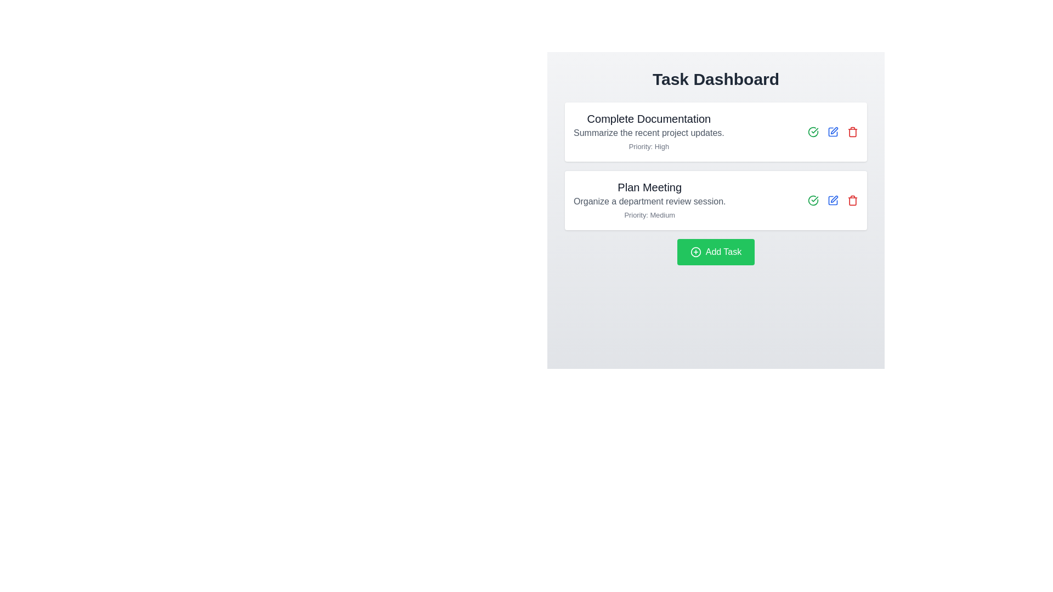 The width and height of the screenshot is (1053, 592). I want to click on the green checkmark icon button, which indicates a completed or approved action, located to the right of the 'Plan Meeting' task description, so click(813, 131).